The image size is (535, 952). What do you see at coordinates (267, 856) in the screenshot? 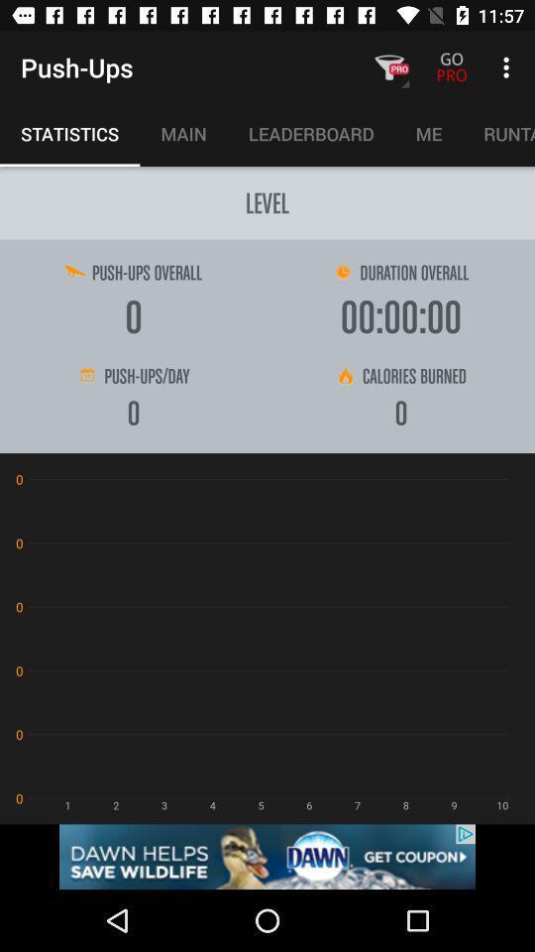
I see `get coupon` at bounding box center [267, 856].